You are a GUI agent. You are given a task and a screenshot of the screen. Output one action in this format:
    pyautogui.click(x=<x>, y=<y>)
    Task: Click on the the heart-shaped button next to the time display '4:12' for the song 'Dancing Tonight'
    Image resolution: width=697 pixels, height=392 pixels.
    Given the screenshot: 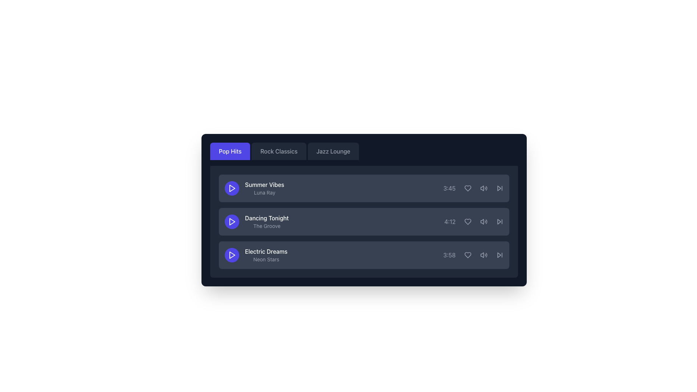 What is the action you would take?
    pyautogui.click(x=468, y=221)
    